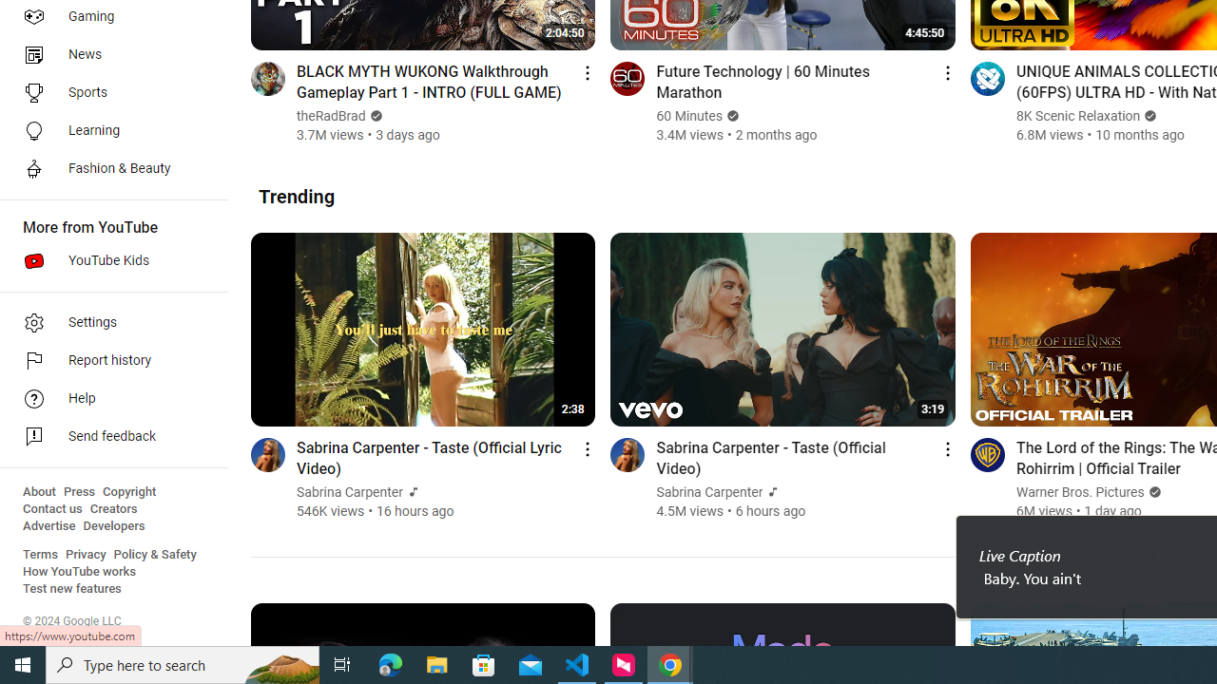  I want to click on 'Privacy', so click(85, 555).